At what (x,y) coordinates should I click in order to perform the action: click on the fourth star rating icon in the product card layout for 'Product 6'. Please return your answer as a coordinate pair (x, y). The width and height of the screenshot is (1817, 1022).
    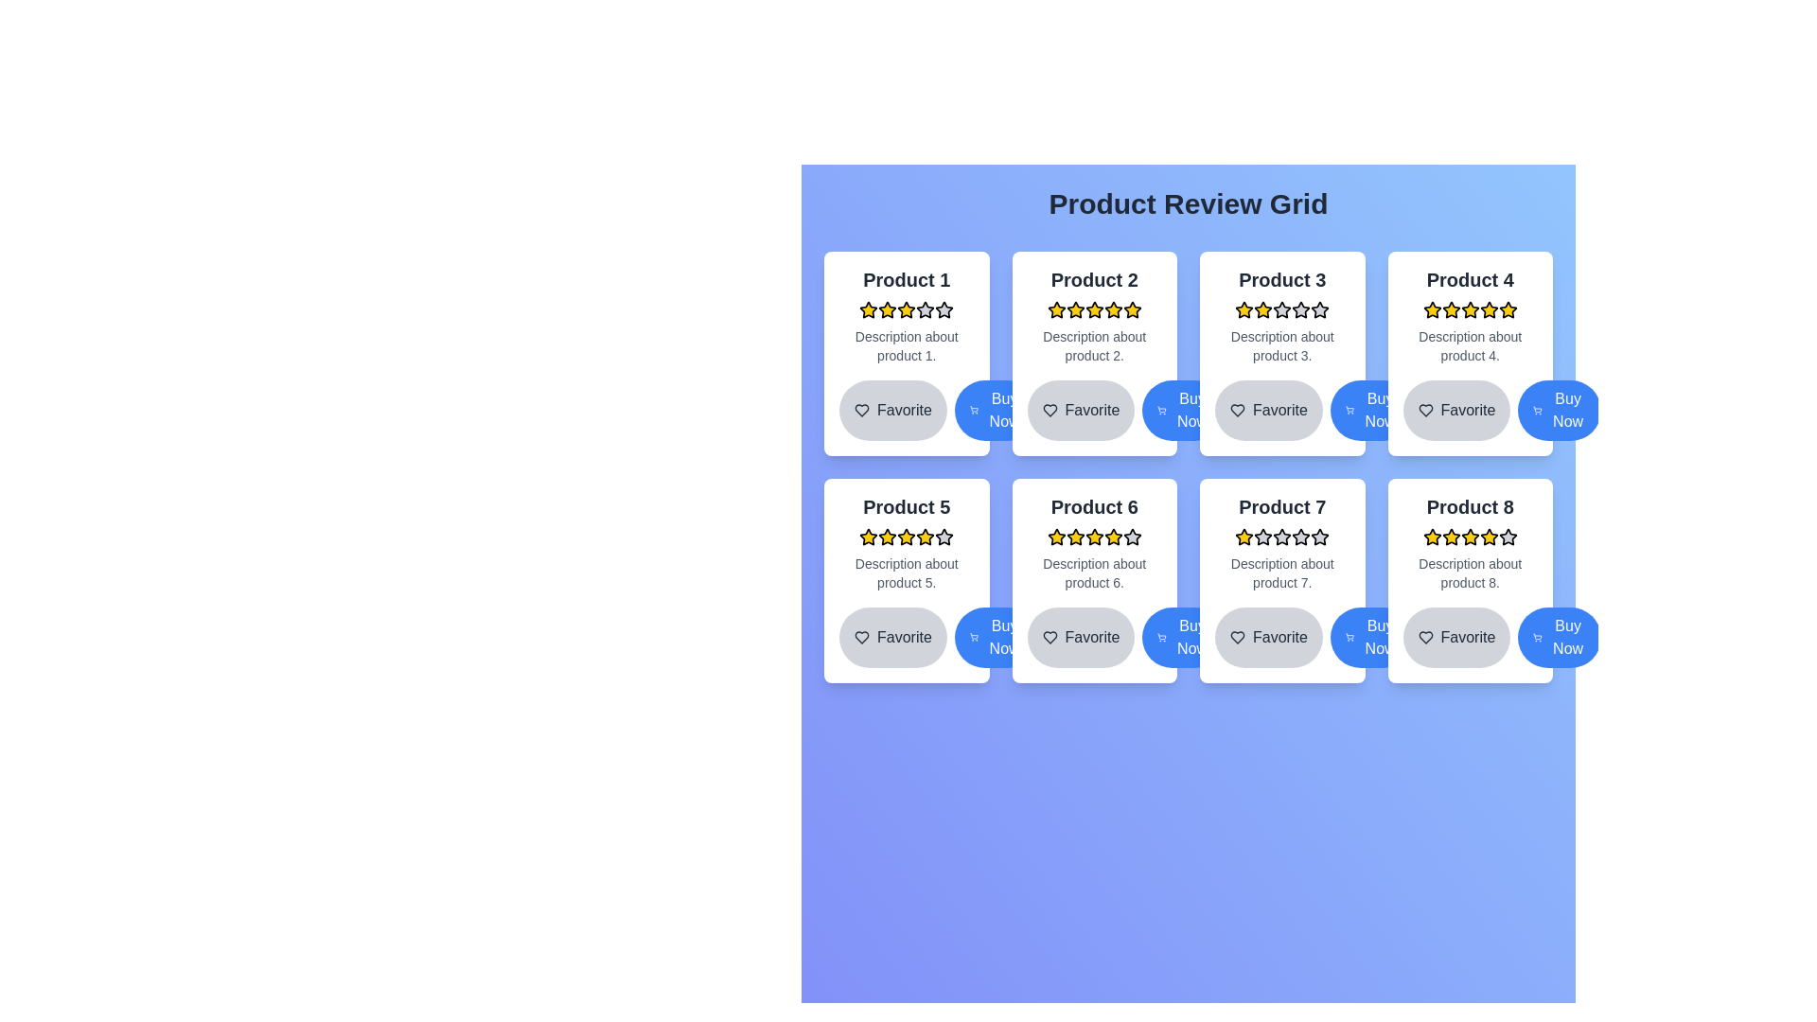
    Looking at the image, I should click on (1094, 537).